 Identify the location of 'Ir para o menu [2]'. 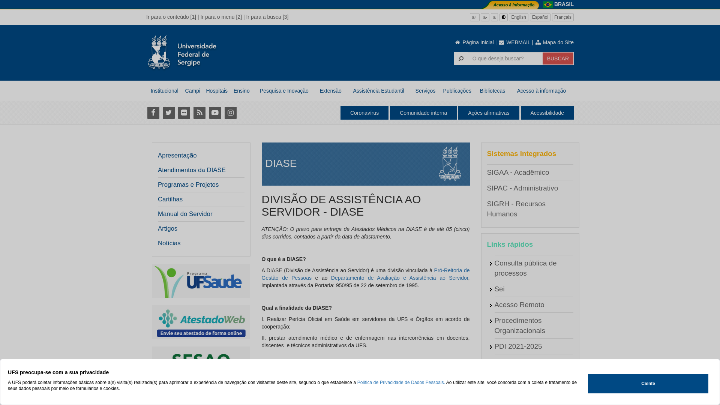
(221, 17).